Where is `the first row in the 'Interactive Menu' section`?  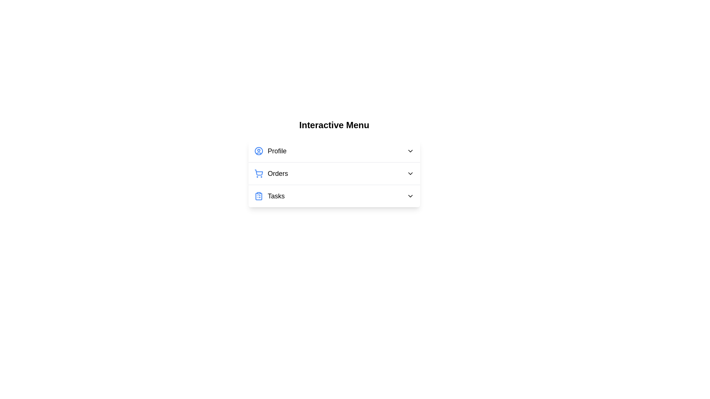 the first row in the 'Interactive Menu' section is located at coordinates (334, 150).